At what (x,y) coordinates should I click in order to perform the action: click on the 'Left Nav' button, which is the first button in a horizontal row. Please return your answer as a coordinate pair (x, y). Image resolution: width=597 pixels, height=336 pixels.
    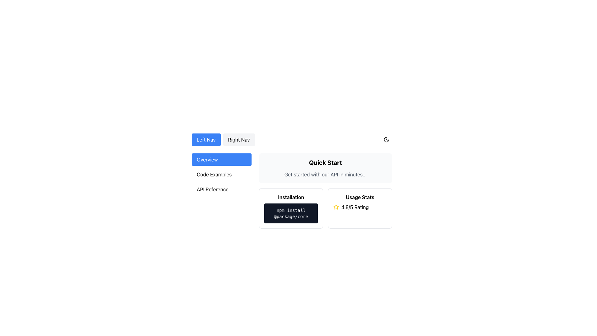
    Looking at the image, I should click on (206, 139).